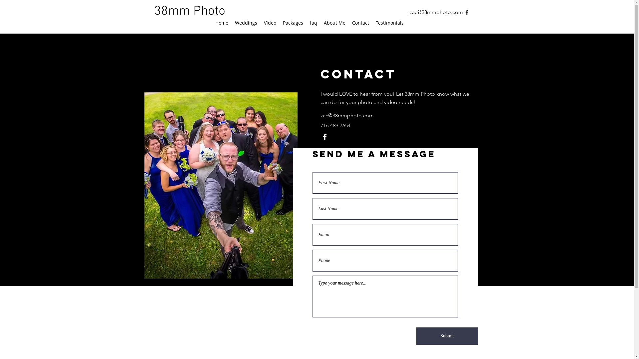 Image resolution: width=639 pixels, height=359 pixels. What do you see at coordinates (334, 23) in the screenshot?
I see `'About Me'` at bounding box center [334, 23].